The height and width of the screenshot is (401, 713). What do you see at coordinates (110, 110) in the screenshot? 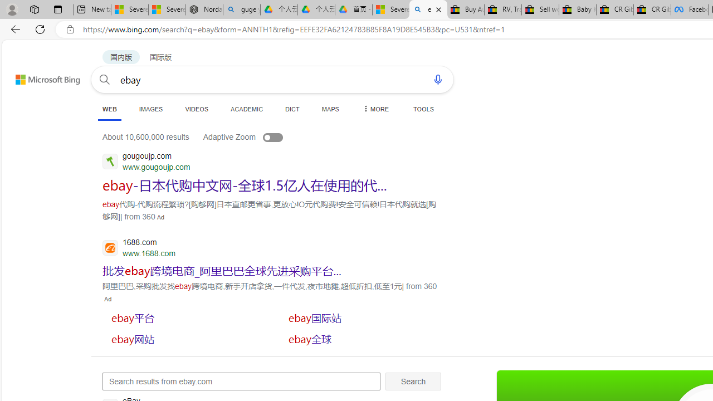
I see `'WEB'` at bounding box center [110, 110].